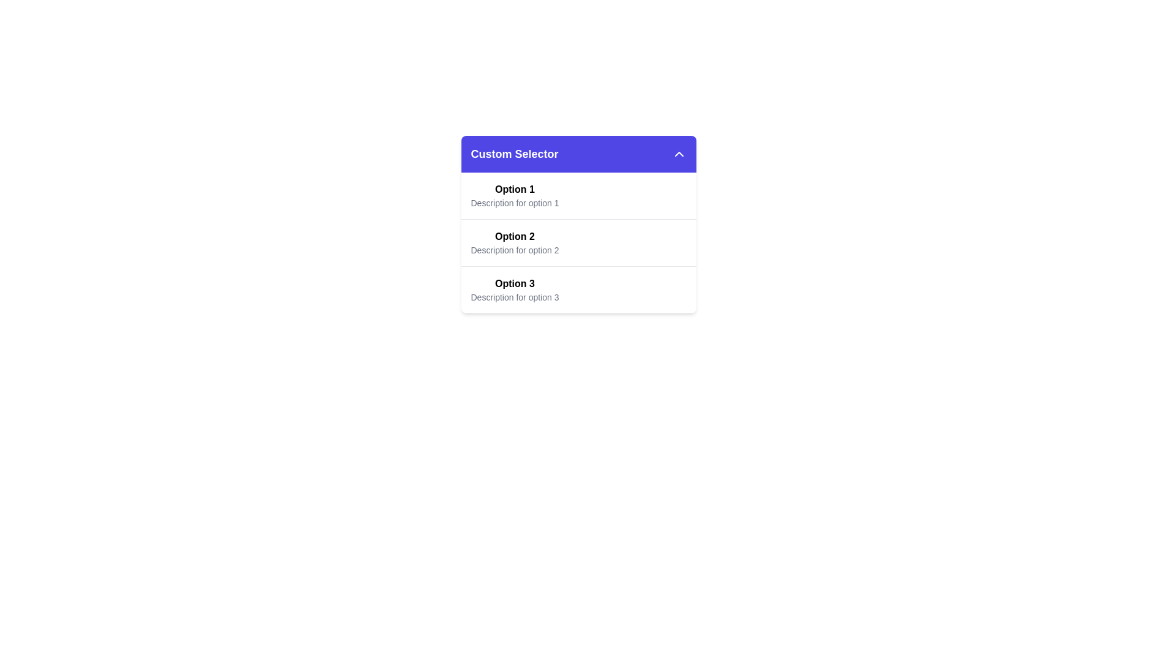  I want to click on the static text label that displays additional descriptive information about 'Option 1', which is located within the dropdown menu directly below the title text 'Option 1', so click(515, 202).